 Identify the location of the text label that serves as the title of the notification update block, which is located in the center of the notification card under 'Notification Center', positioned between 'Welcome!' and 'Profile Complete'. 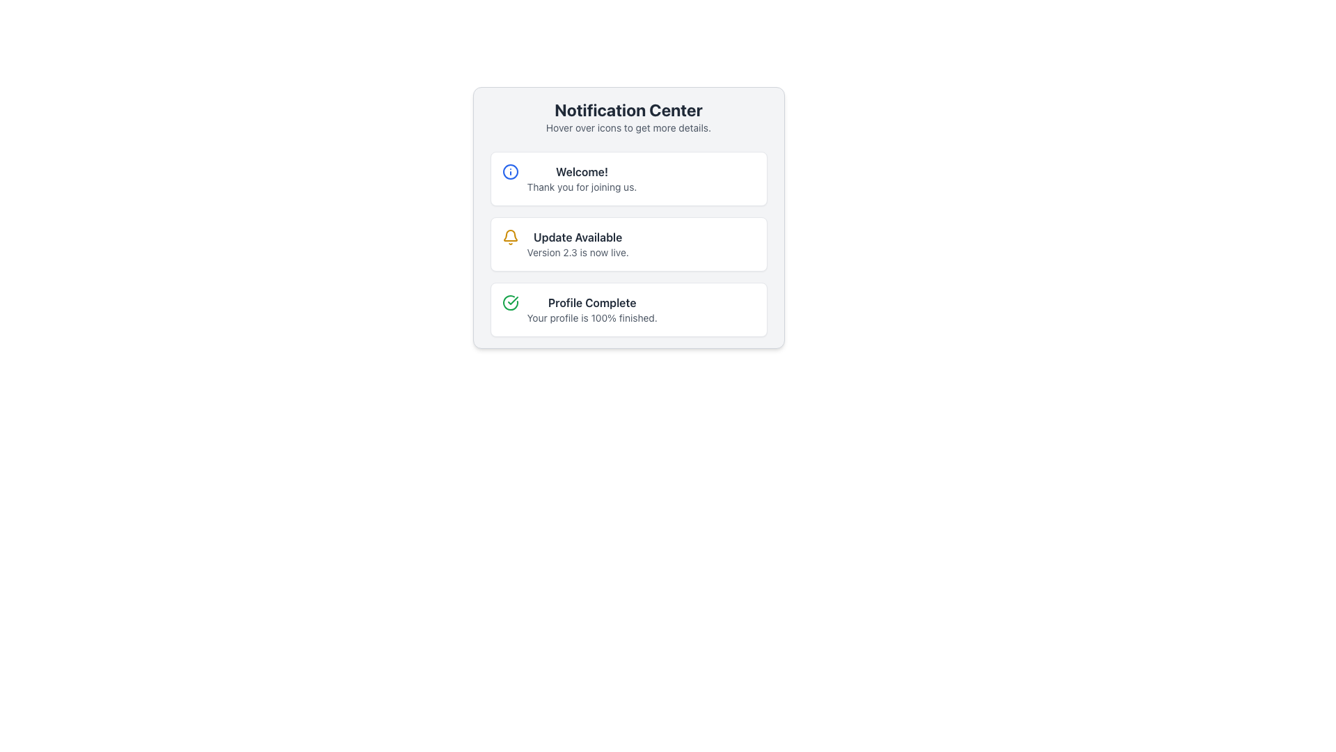
(578, 236).